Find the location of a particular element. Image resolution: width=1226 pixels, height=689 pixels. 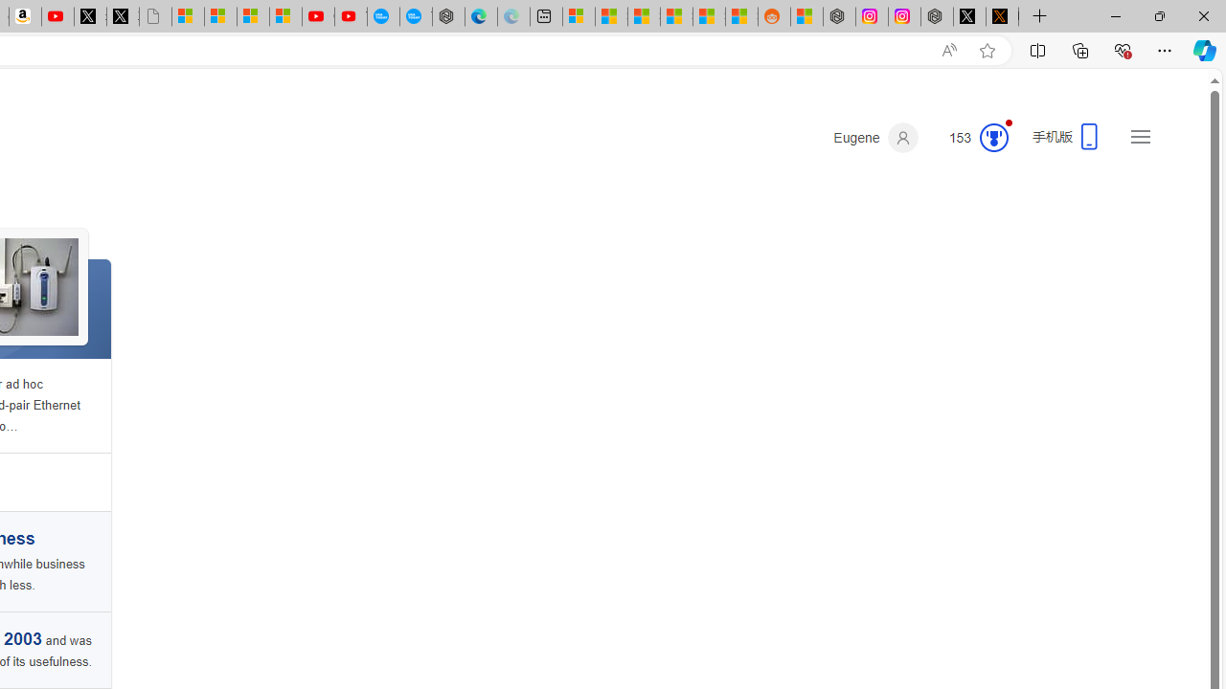

'Eugene' is located at coordinates (874, 137).